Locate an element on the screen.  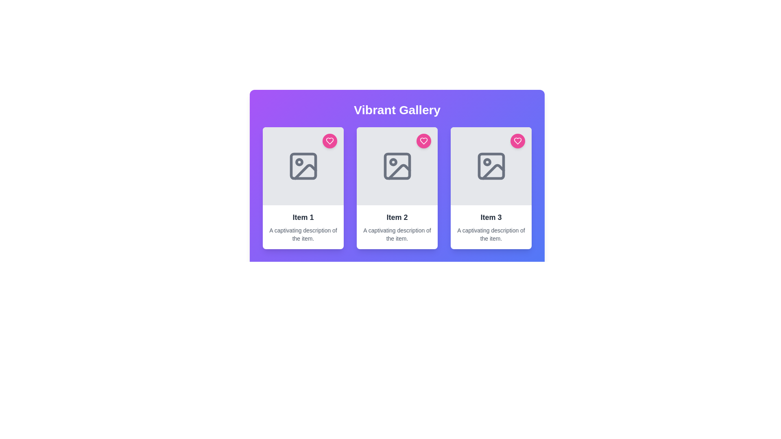
the text block containing a title and subtitle in the lower section of the third card of the 'Vibrant Gallery' is located at coordinates (491, 227).